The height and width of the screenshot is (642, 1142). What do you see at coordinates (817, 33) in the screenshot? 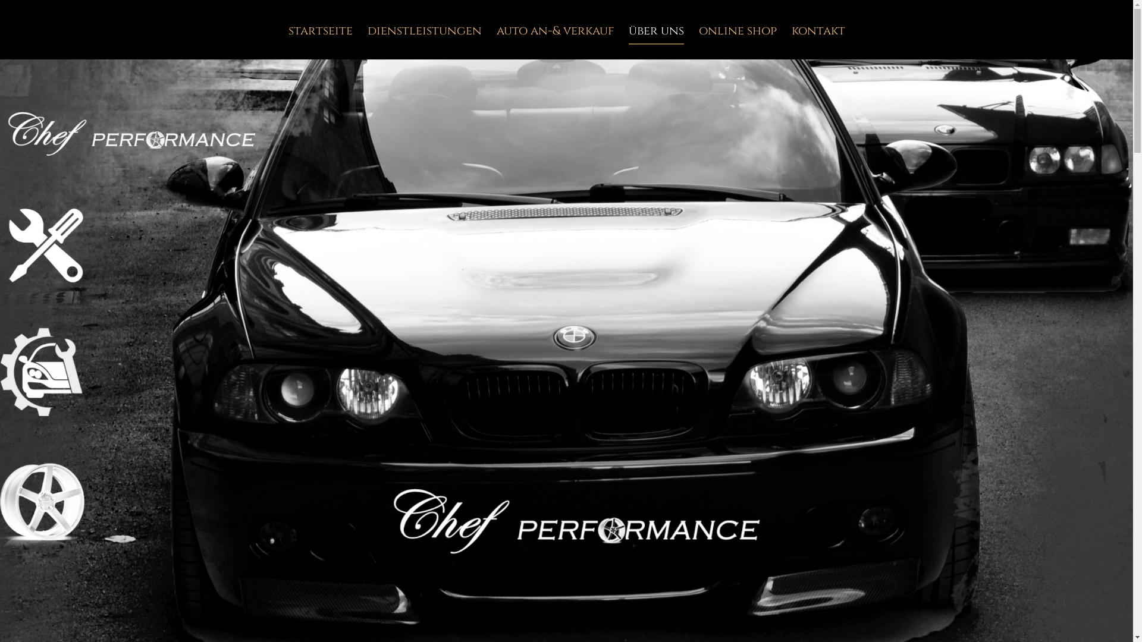
I see `'kontakt'` at bounding box center [817, 33].